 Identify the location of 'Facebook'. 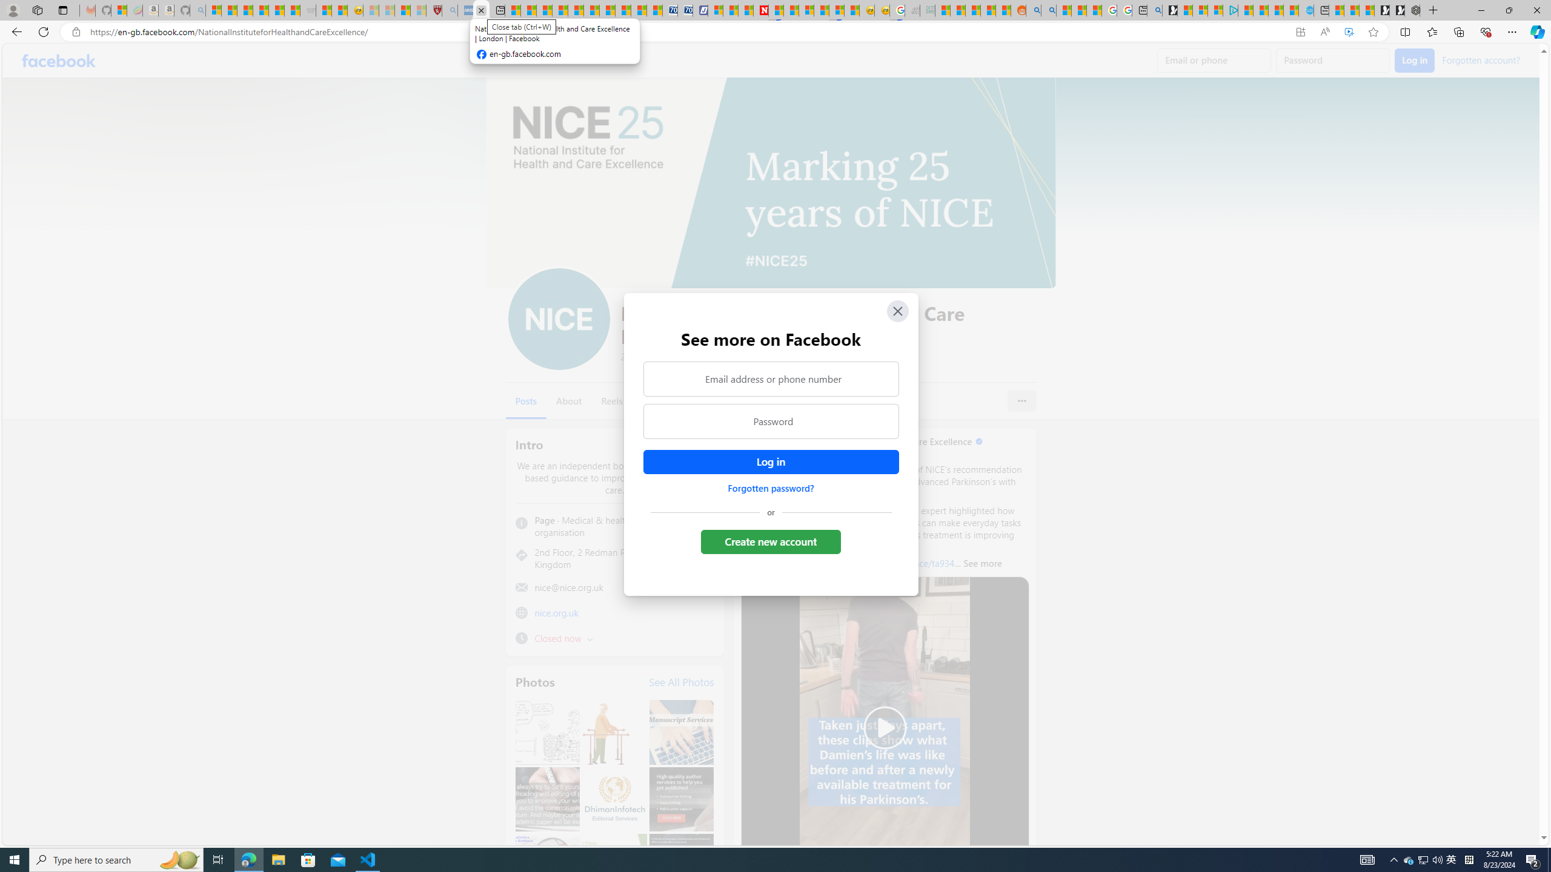
(59, 60).